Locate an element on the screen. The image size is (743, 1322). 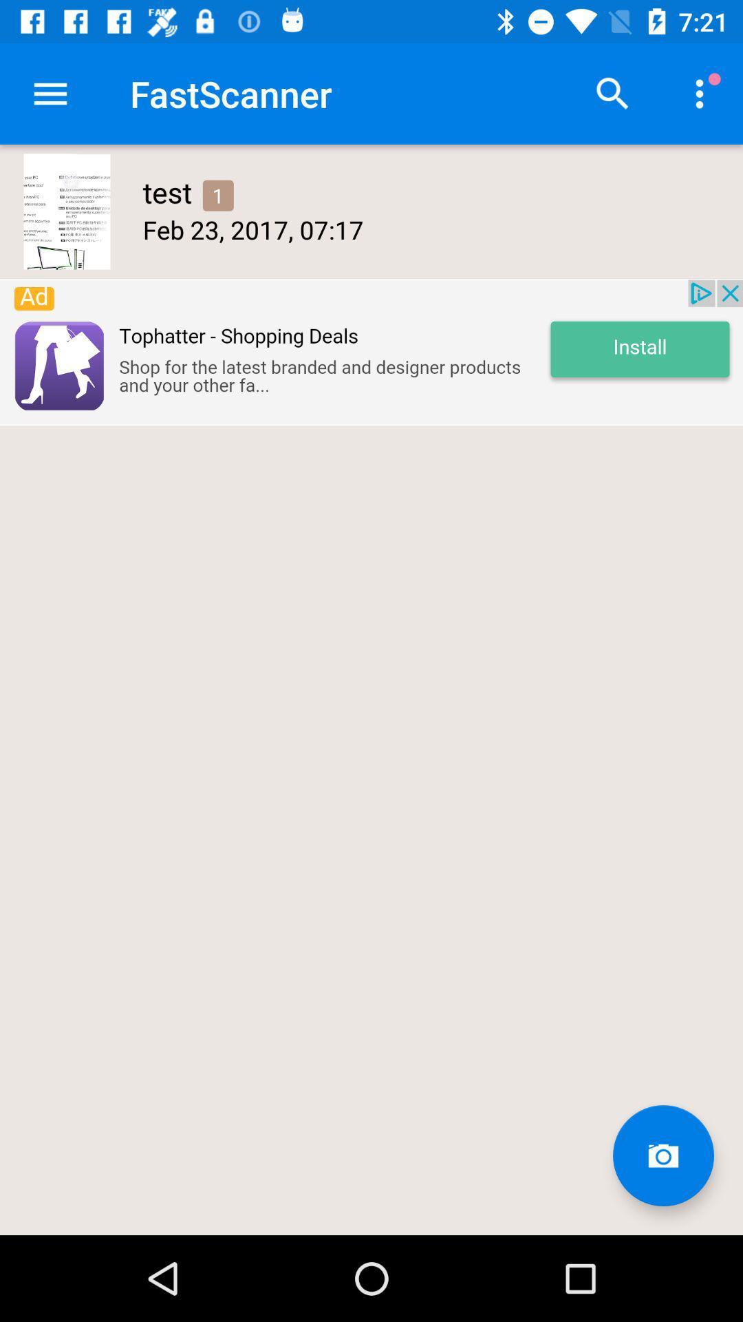
search for is located at coordinates (612, 93).